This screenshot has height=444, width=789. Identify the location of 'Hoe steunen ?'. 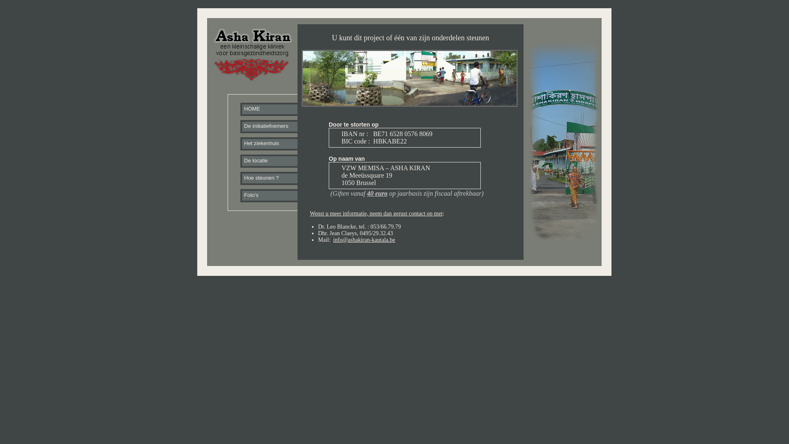
(275, 178).